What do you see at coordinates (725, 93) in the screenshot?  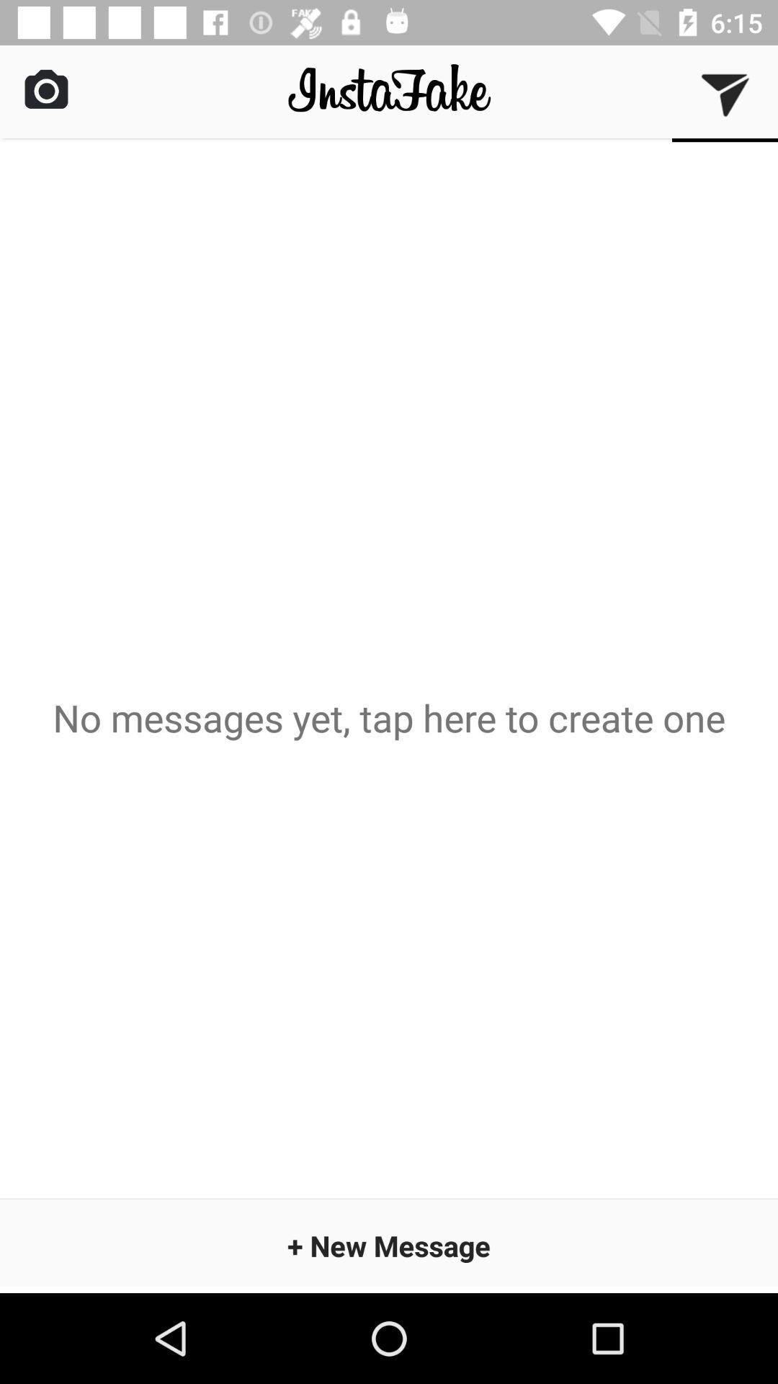 I see `the navigation icon` at bounding box center [725, 93].